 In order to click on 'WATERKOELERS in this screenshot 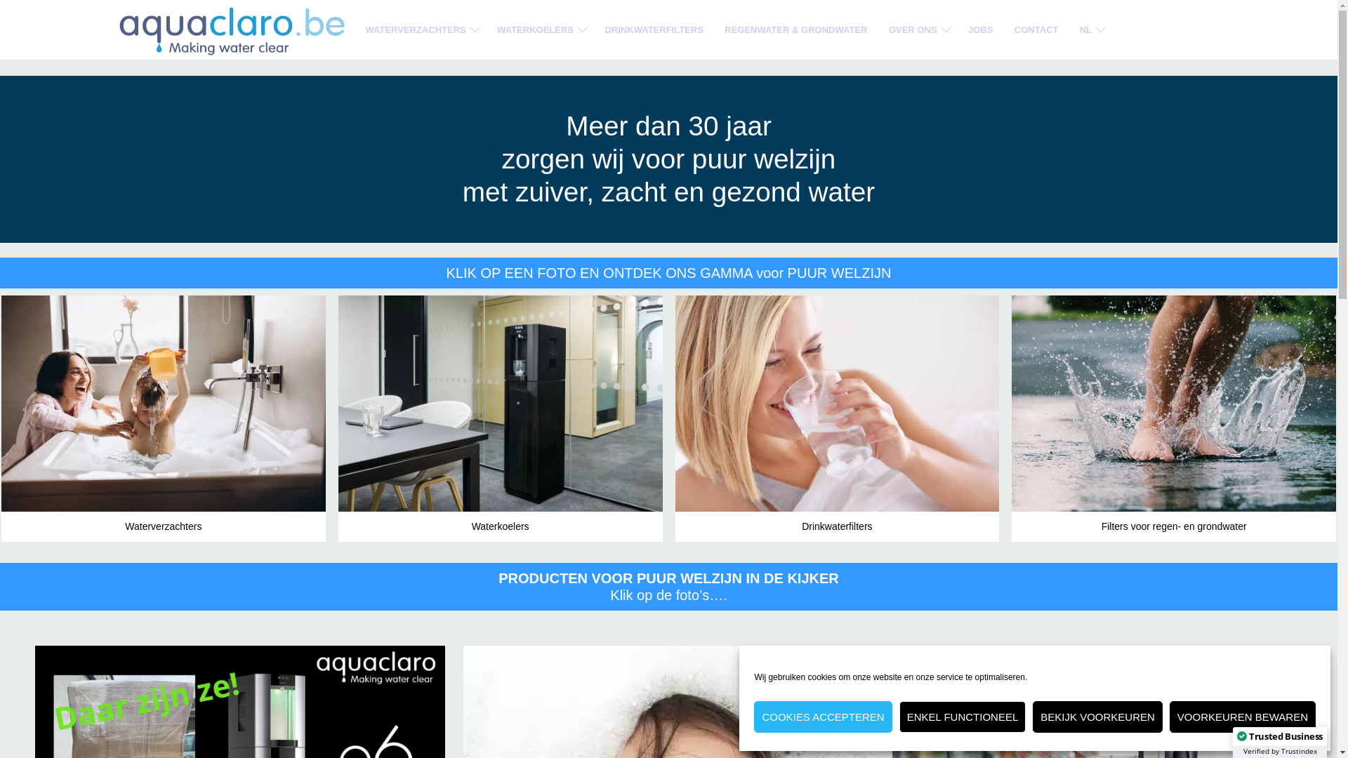, I will do `click(539, 29)`.